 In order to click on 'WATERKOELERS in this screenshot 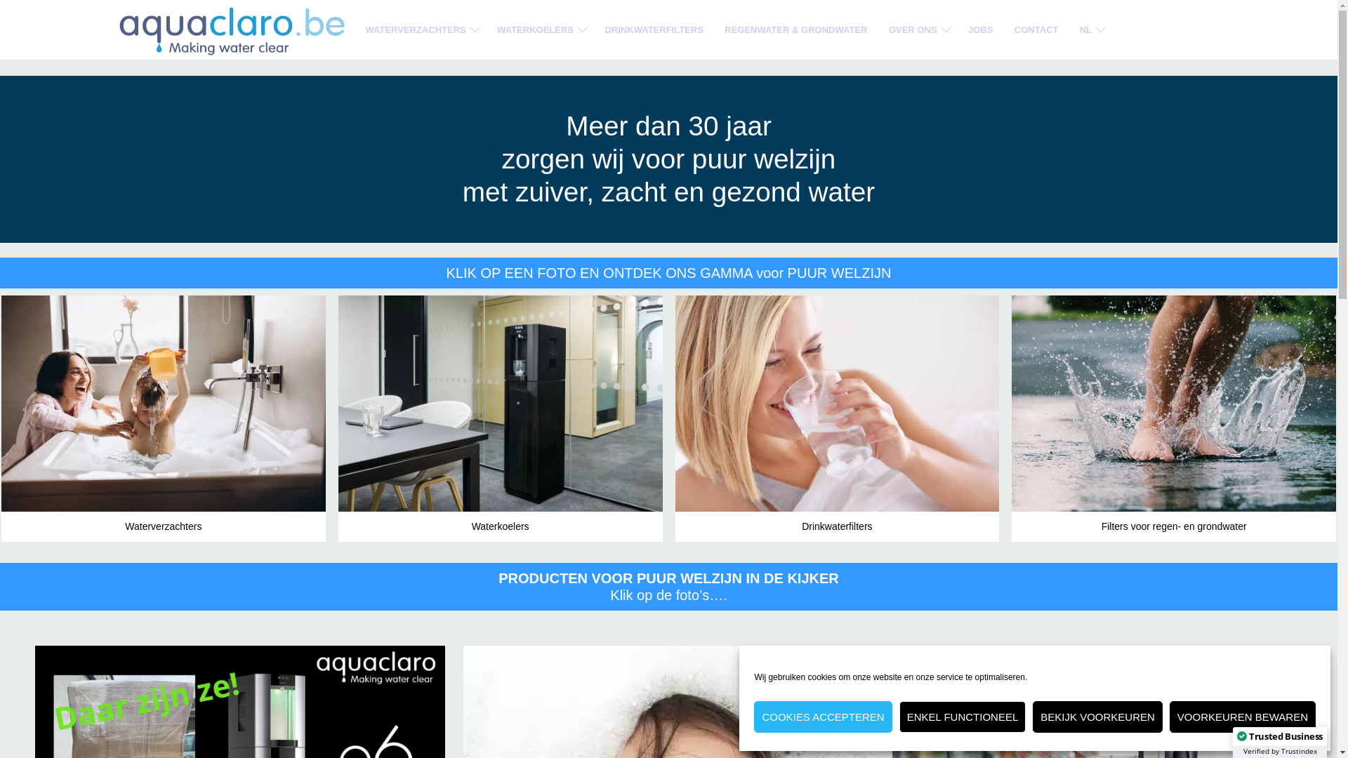, I will do `click(539, 29)`.